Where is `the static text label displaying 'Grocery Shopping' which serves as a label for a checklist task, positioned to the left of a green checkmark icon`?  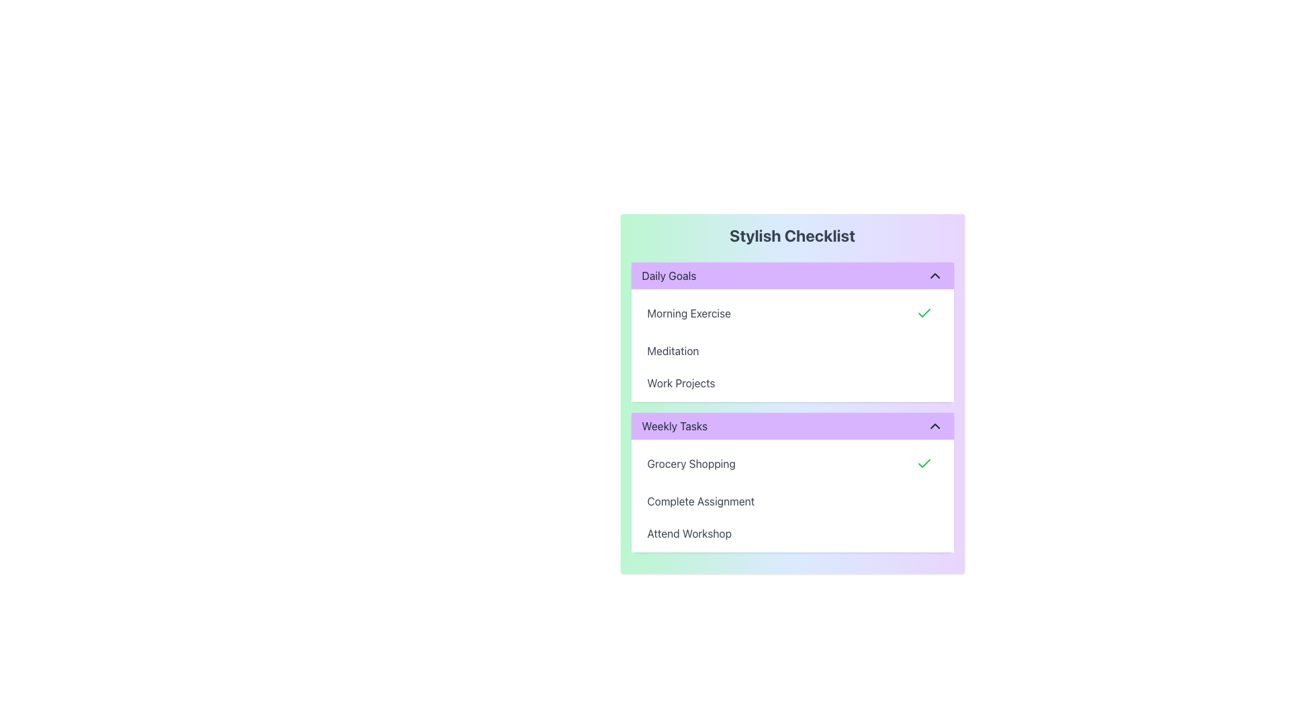 the static text label displaying 'Grocery Shopping' which serves as a label for a checklist task, positioned to the left of a green checkmark icon is located at coordinates (691, 463).